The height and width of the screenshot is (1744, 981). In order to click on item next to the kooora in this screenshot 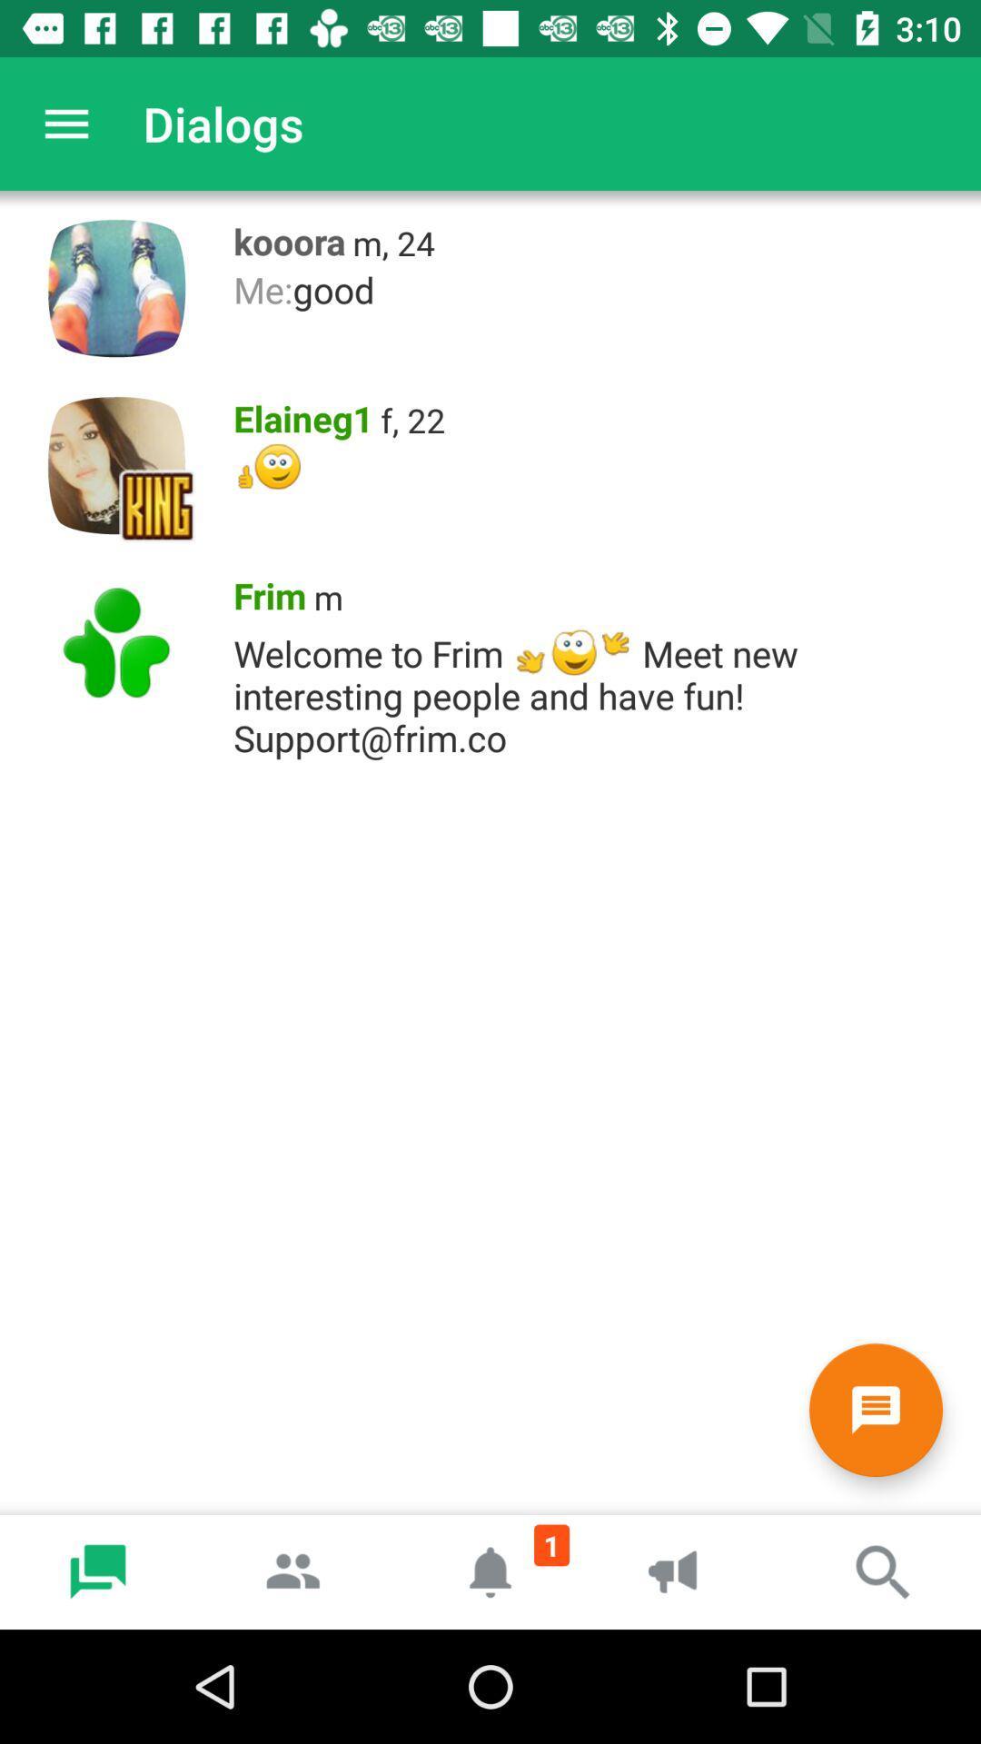, I will do `click(392, 242)`.